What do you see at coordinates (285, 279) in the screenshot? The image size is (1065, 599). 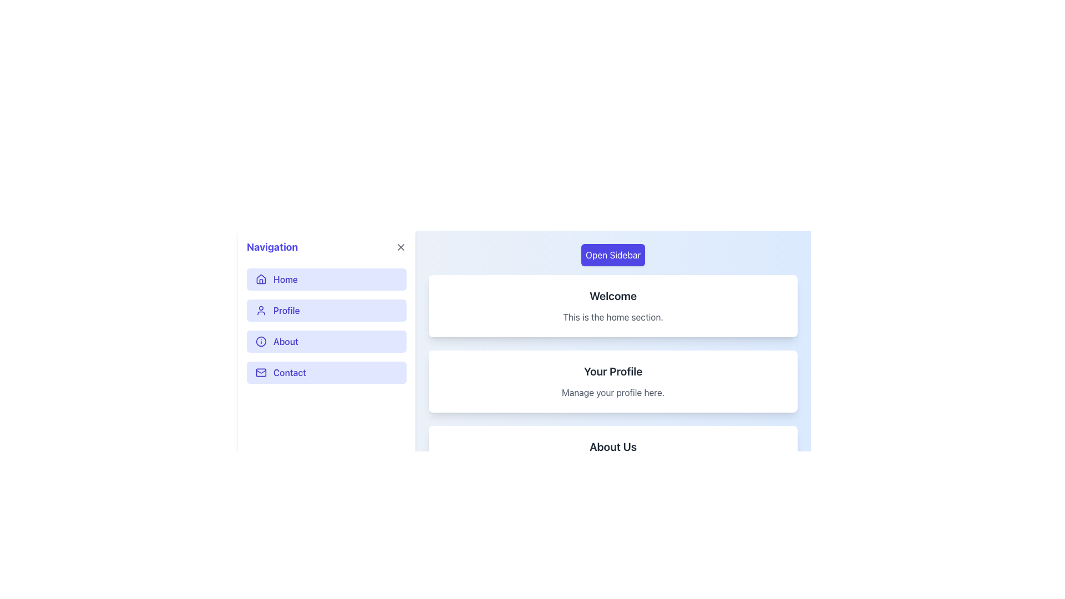 I see `the 'Home' navigation text label located at the top of the vertical navigation menu on the left-hand side` at bounding box center [285, 279].